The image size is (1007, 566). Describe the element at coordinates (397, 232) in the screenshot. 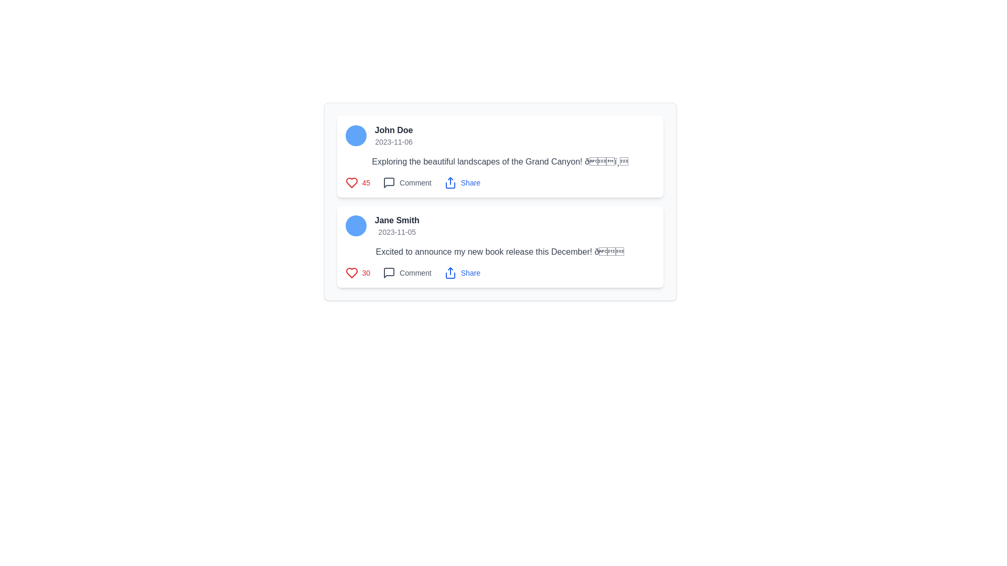

I see `the text label displaying '2023-11-05' in gray font, located beneath 'Jane Smith' in the second post of the feed interface` at that location.